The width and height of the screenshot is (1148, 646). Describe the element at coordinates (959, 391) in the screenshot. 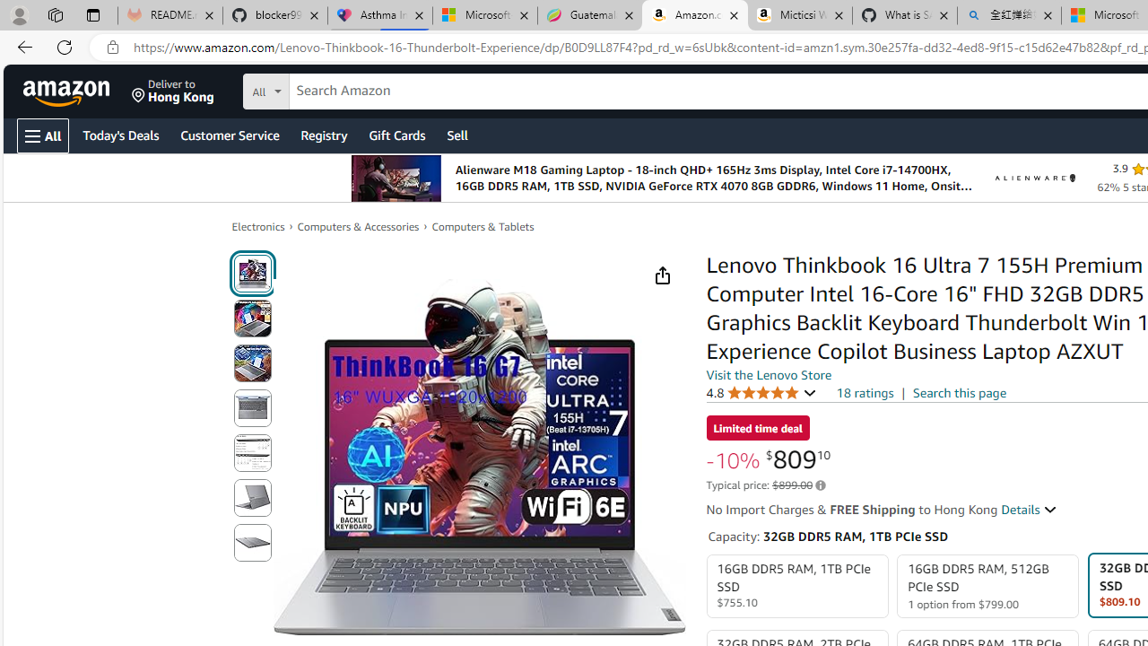

I see `'Search this page'` at that location.